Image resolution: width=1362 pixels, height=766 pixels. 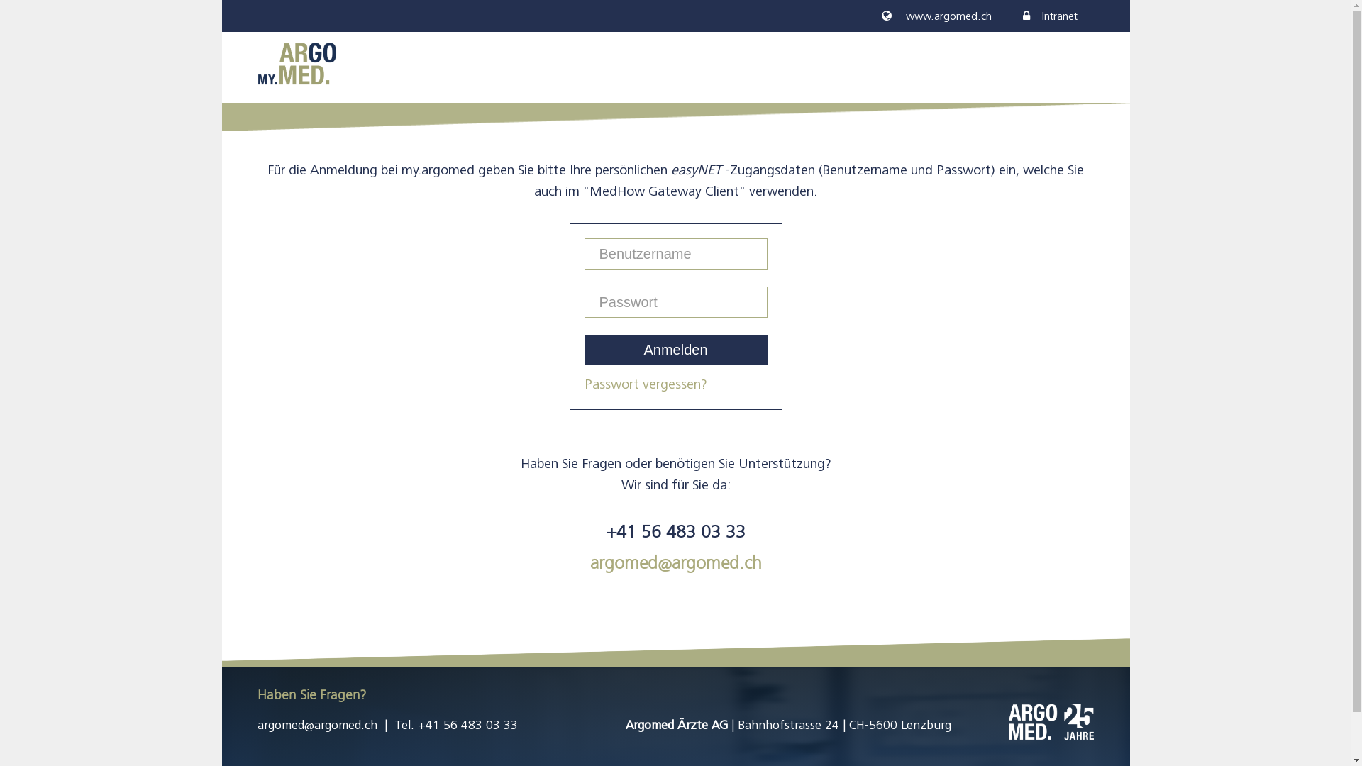 What do you see at coordinates (295, 62) in the screenshot?
I see `'my.argomed Startseite'` at bounding box center [295, 62].